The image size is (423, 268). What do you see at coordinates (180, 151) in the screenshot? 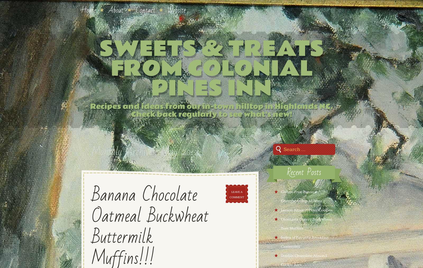
I see `'May 2014'` at bounding box center [180, 151].